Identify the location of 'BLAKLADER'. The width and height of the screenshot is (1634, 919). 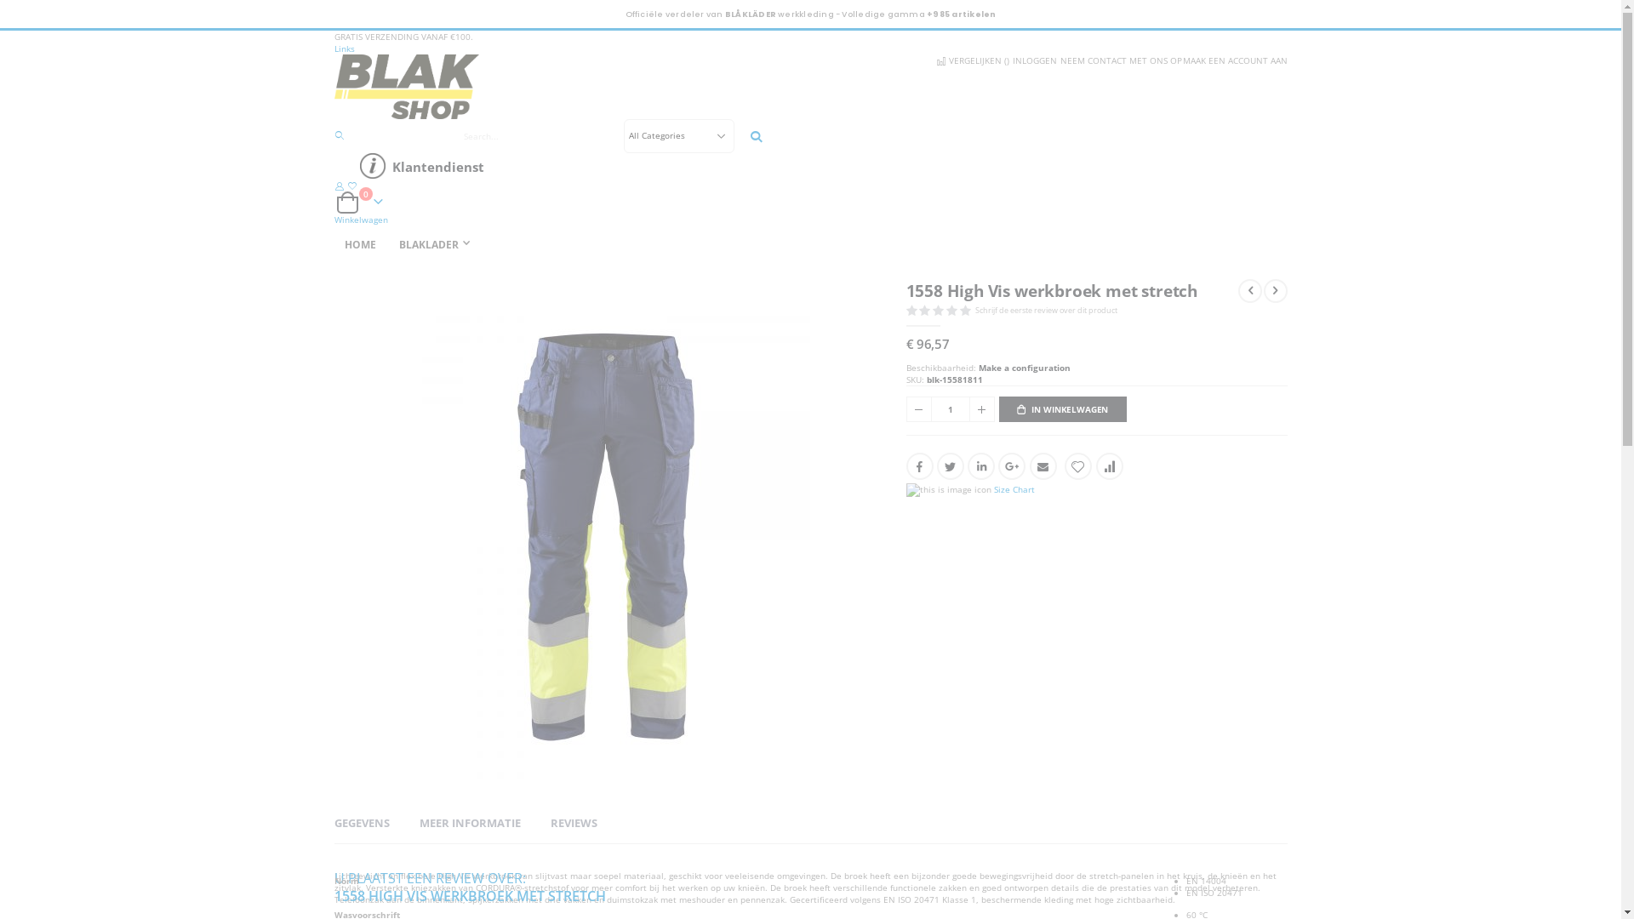
(437, 245).